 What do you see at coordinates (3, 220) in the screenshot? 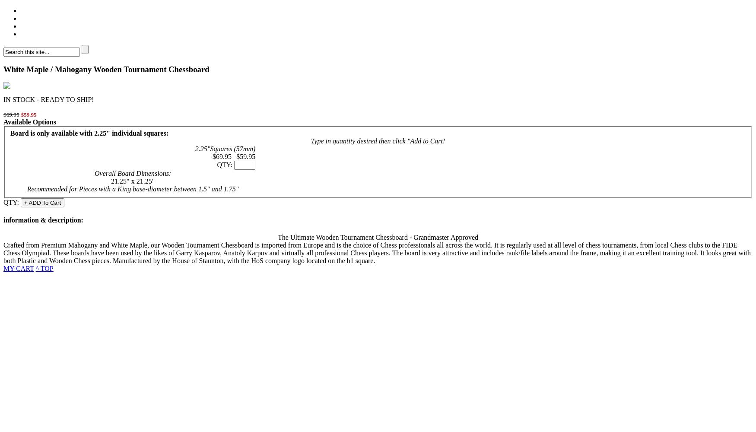
I see `'information'` at bounding box center [3, 220].